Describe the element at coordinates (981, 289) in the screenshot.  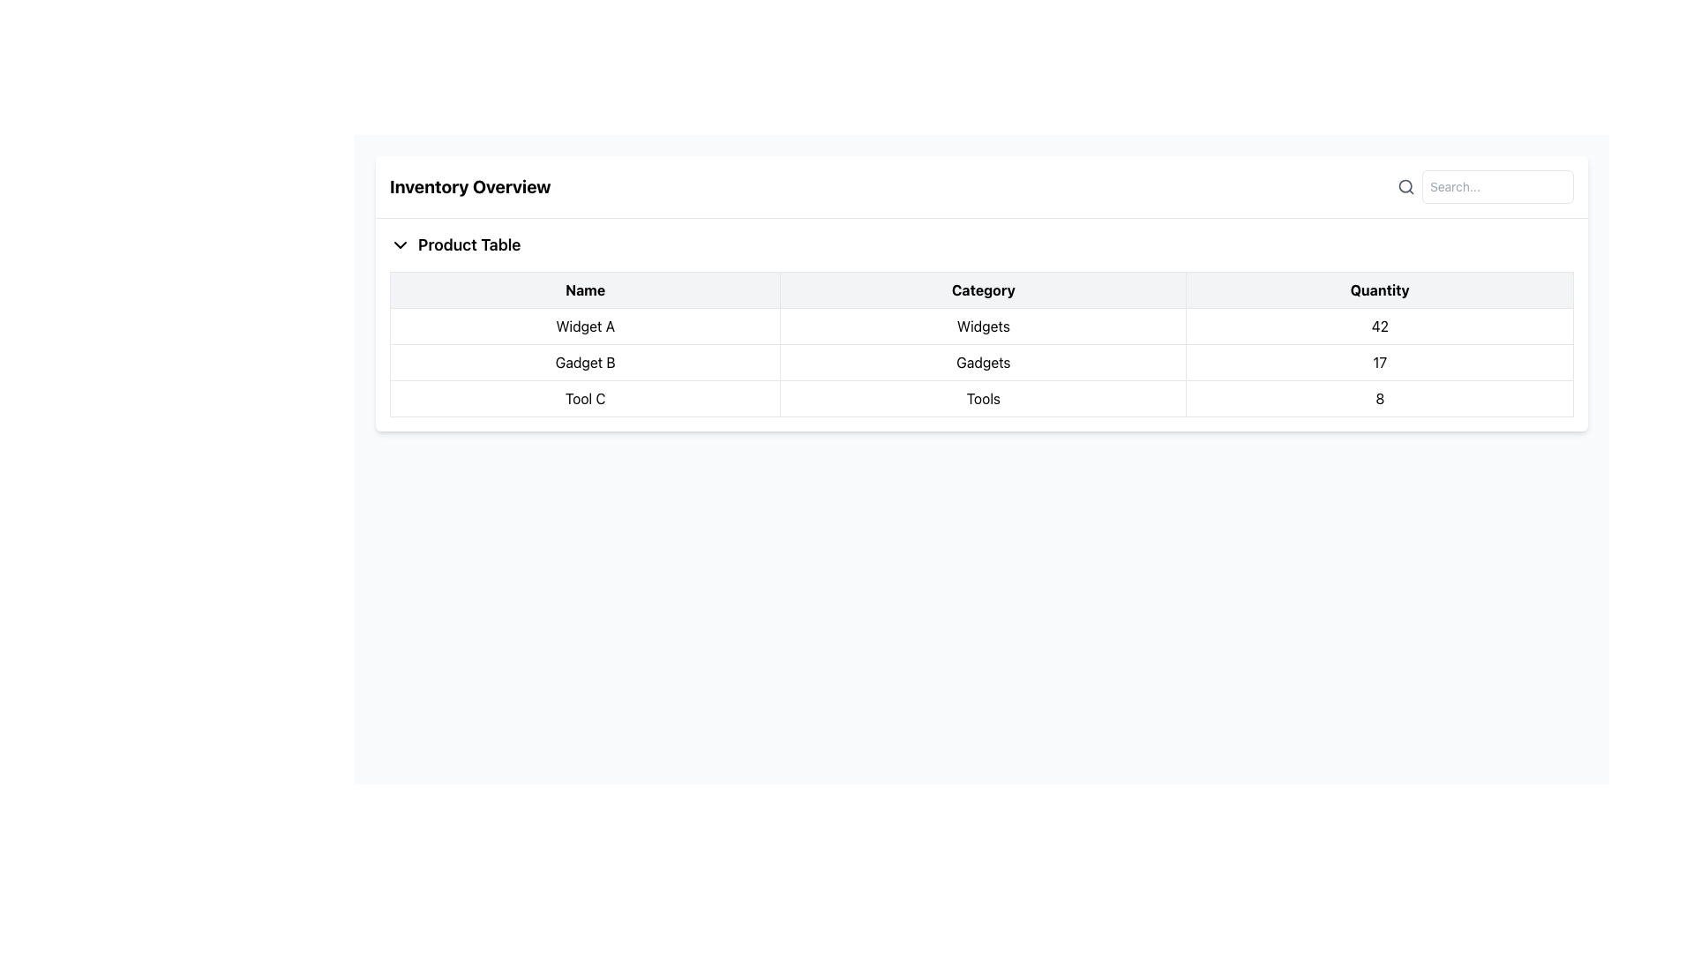
I see `the header row of the table that contains the headers 'Name,' 'Category,' and 'Quantity,' which is located at the top of the table with a light gray background` at that location.